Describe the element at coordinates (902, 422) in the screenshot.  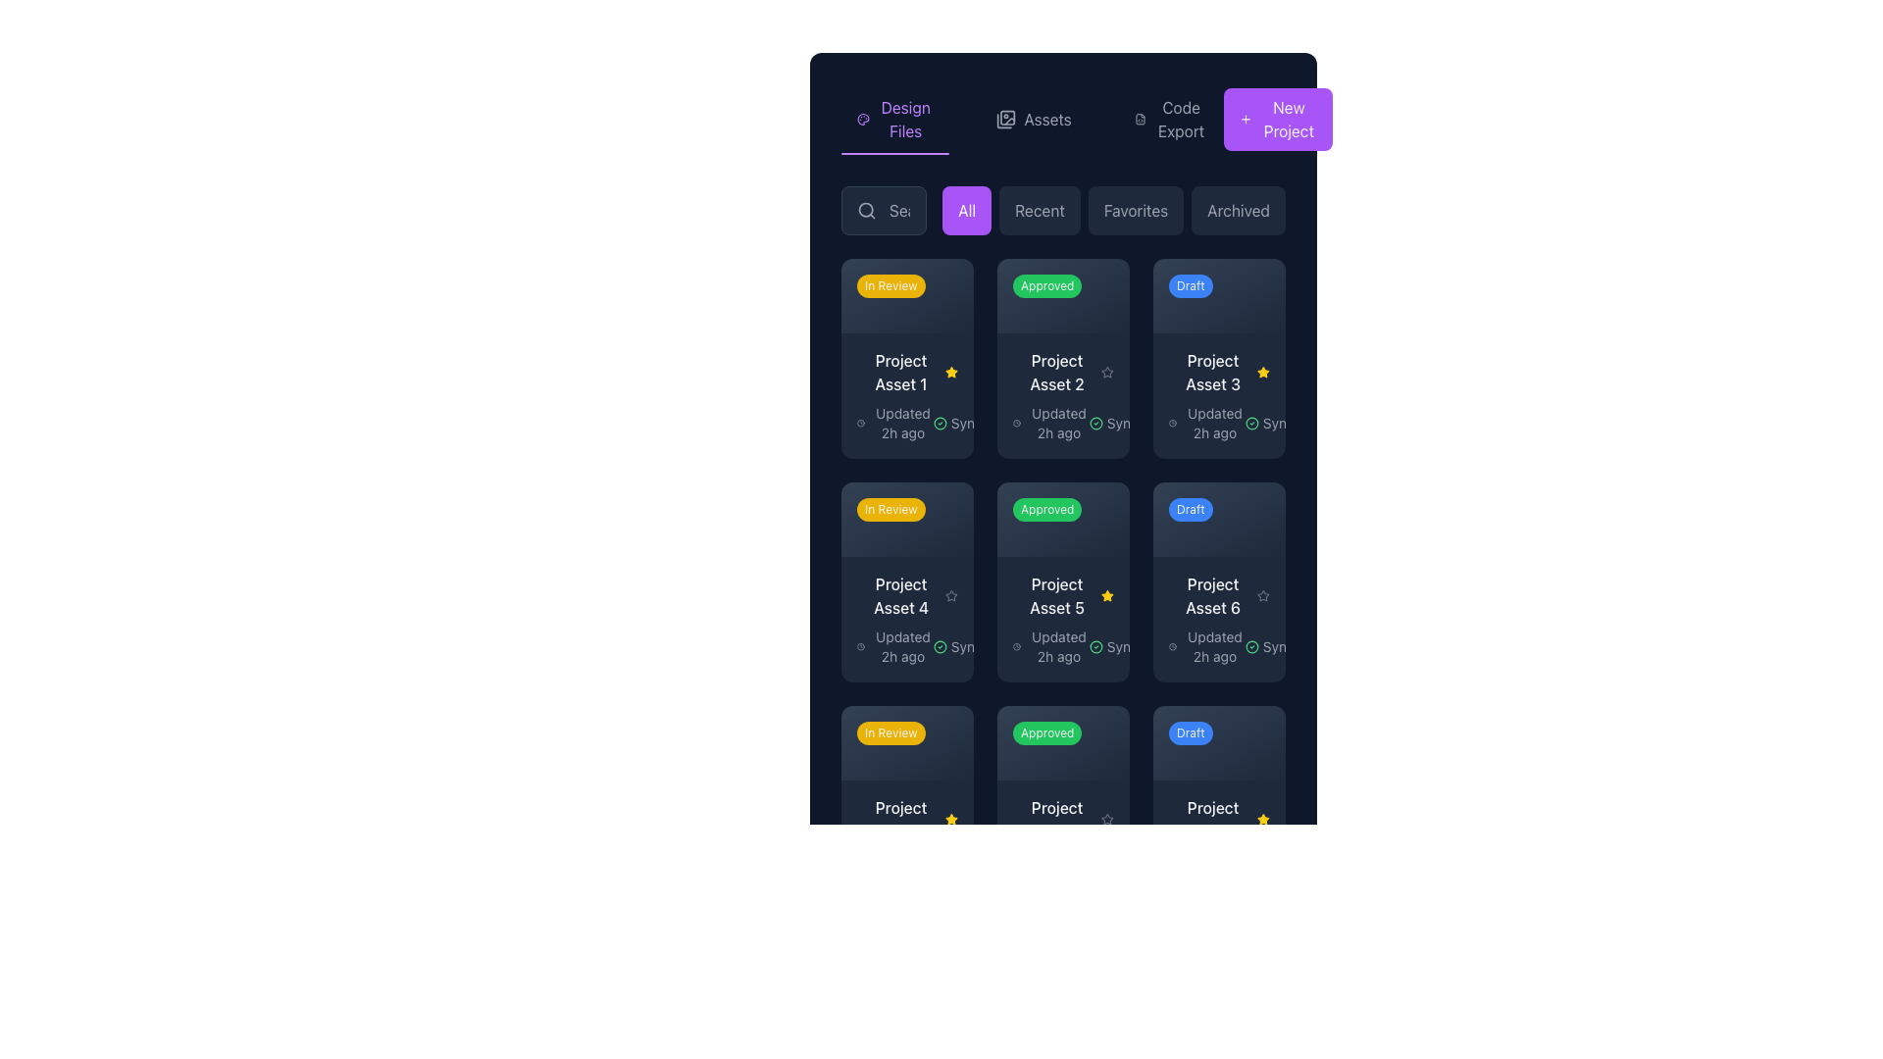
I see `timestamp information from the text label that indicates when the associated project was last updated, located beneath the first project card in the first column of a grid layout` at that location.